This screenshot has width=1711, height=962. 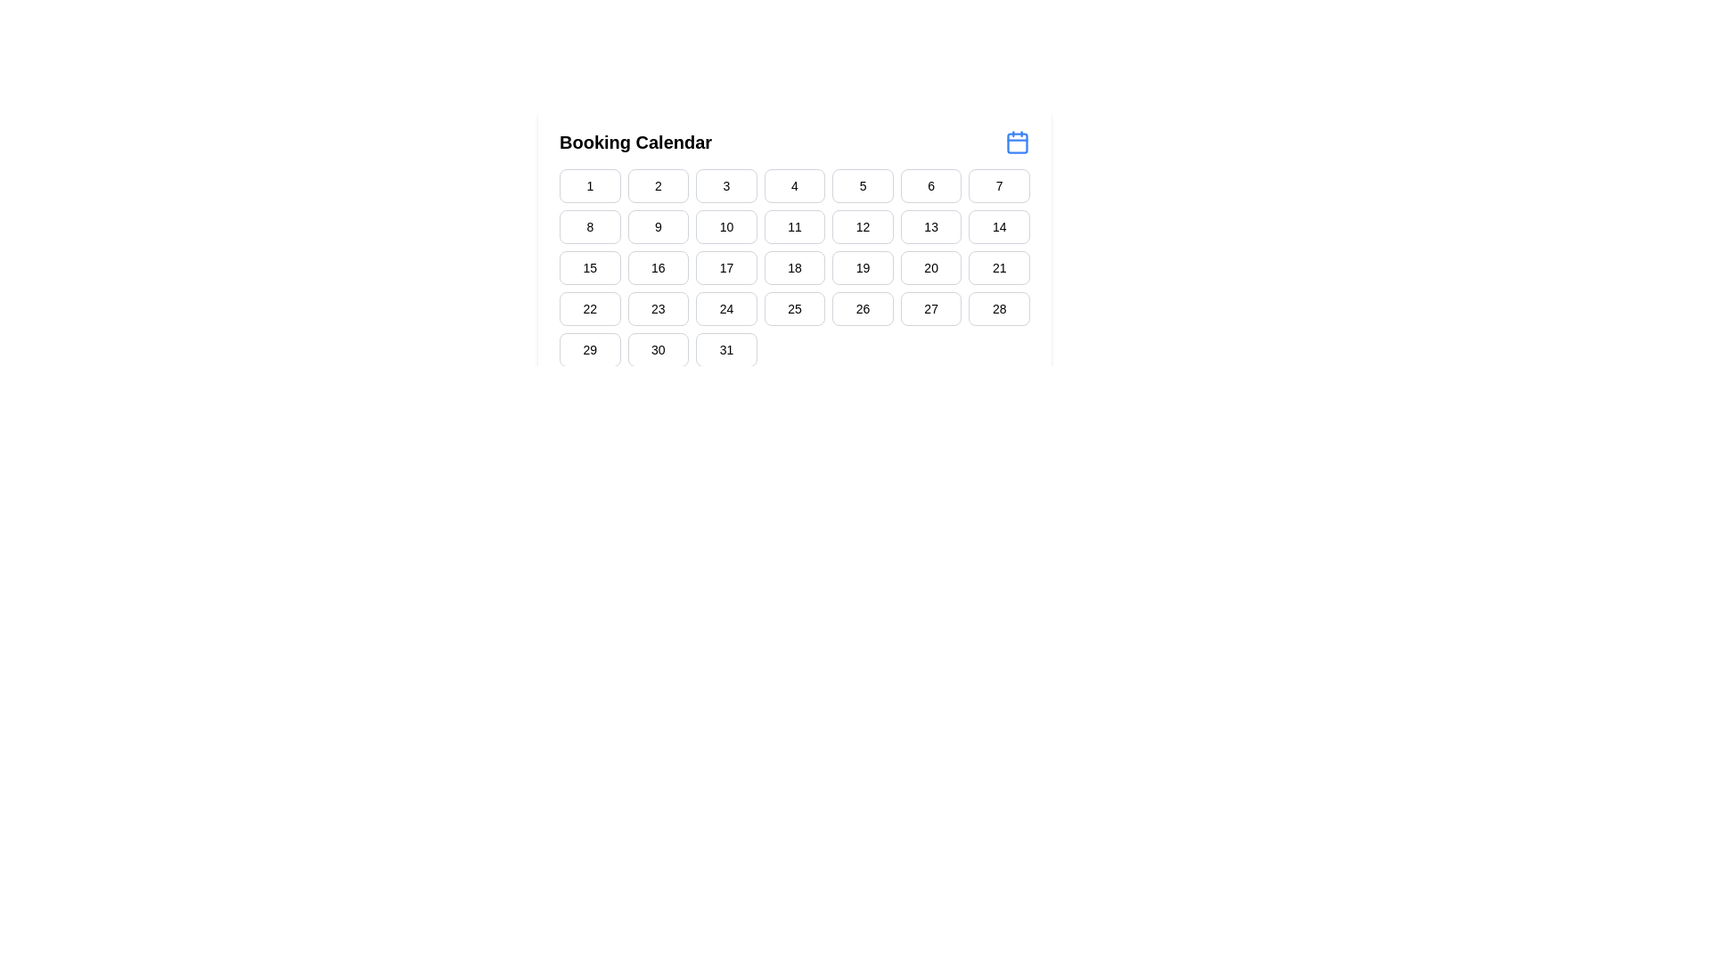 I want to click on the rectangular button with rounded corners, white background, and a centered black number '5' for advanced interactions, so click(x=863, y=185).